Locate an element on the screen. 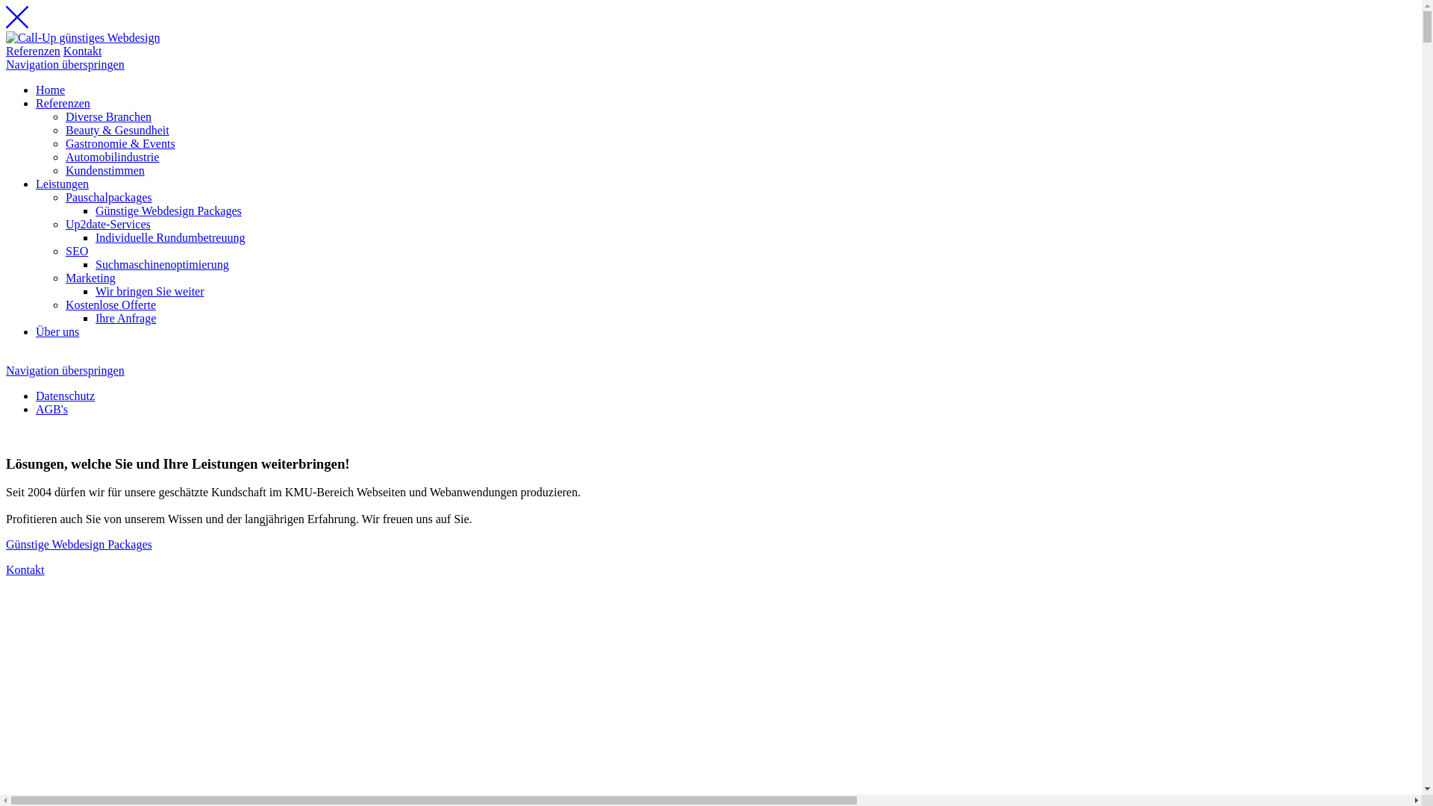 The width and height of the screenshot is (1433, 806). ' ' is located at coordinates (6, 357).